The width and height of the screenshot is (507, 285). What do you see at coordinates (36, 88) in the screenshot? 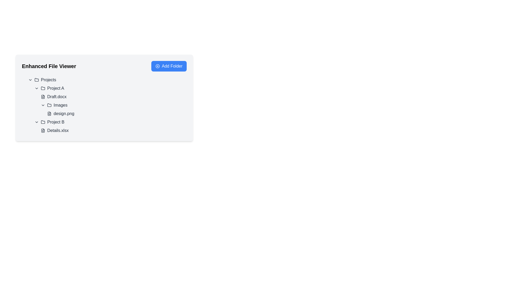
I see `the Dropdown toggle icon for 'Project A'` at bounding box center [36, 88].